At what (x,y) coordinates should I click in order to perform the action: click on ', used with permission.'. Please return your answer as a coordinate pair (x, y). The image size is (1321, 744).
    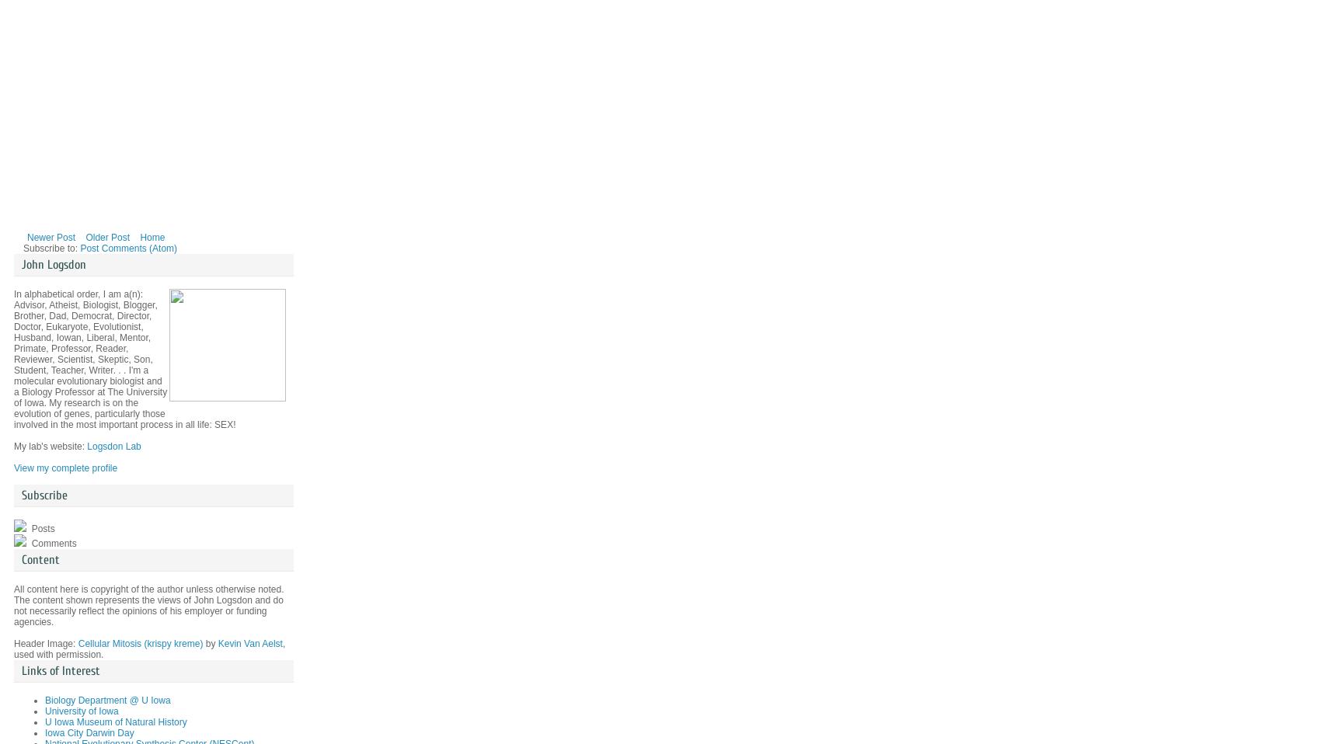
    Looking at the image, I should click on (148, 648).